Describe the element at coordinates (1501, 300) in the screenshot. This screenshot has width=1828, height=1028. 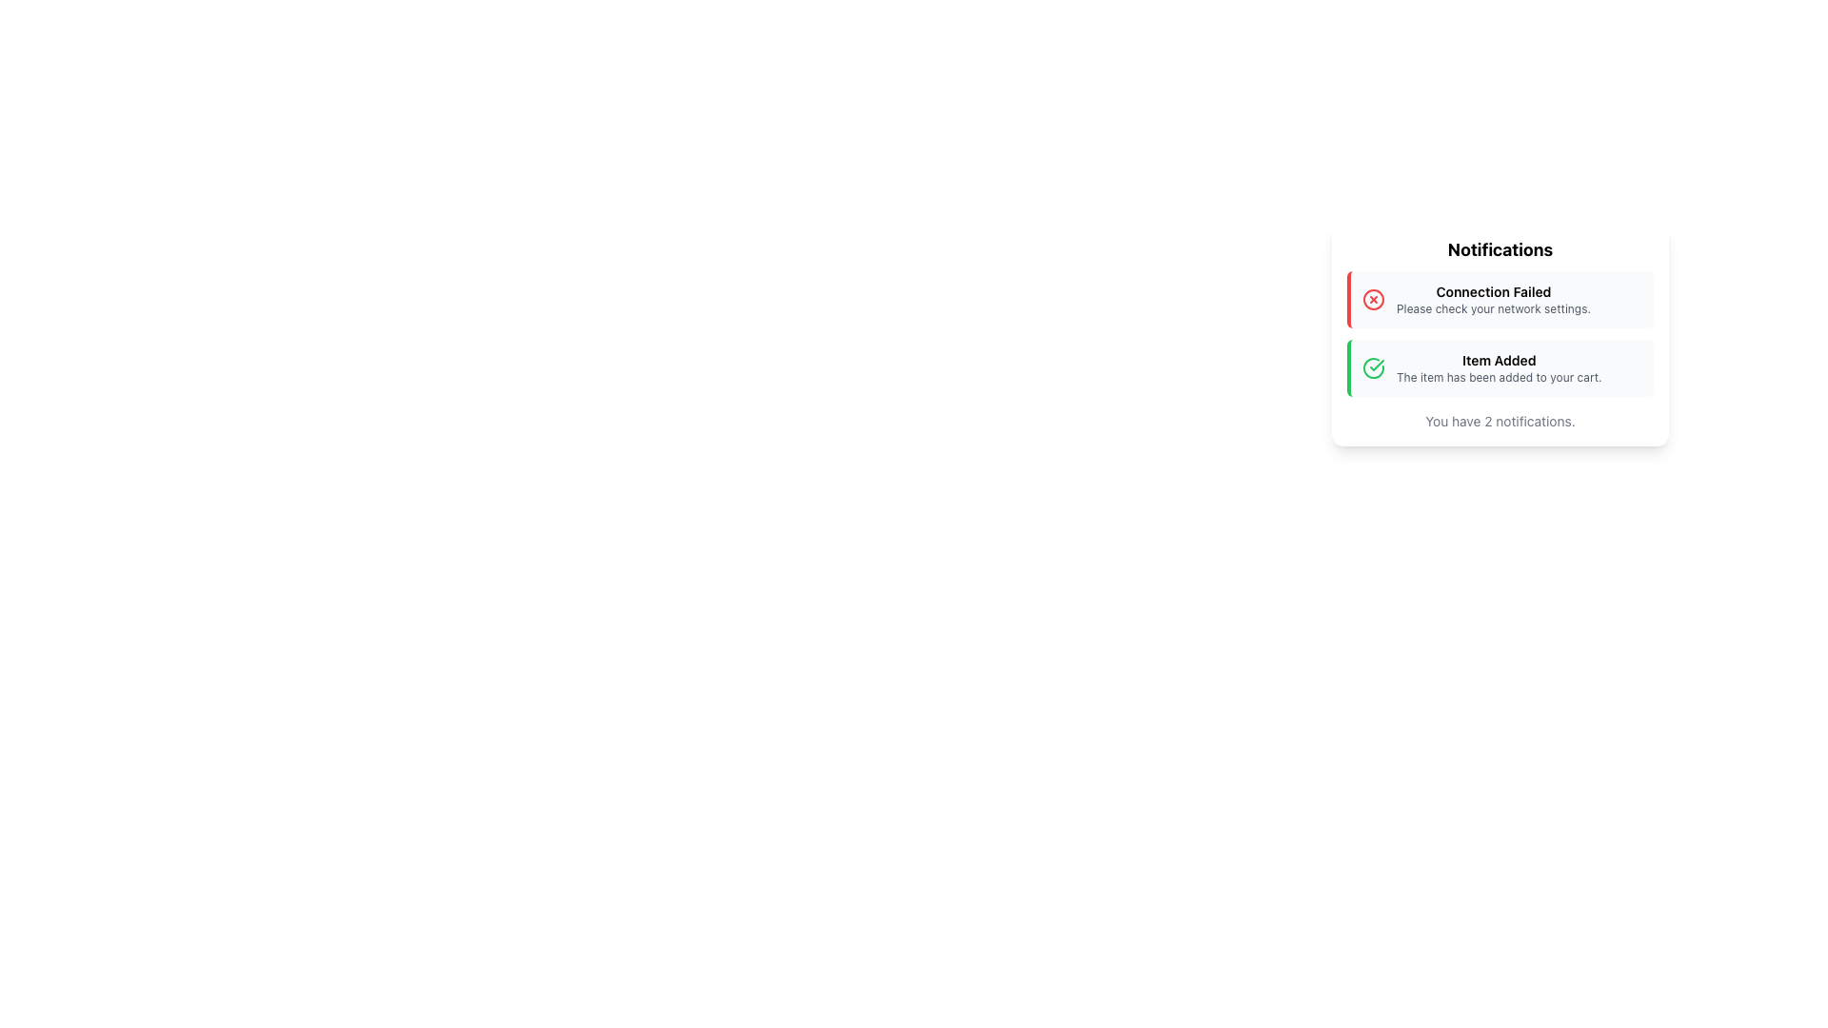
I see `the Notification Message indicating 'Connection Failed' with a red icon and two lines of text` at that location.